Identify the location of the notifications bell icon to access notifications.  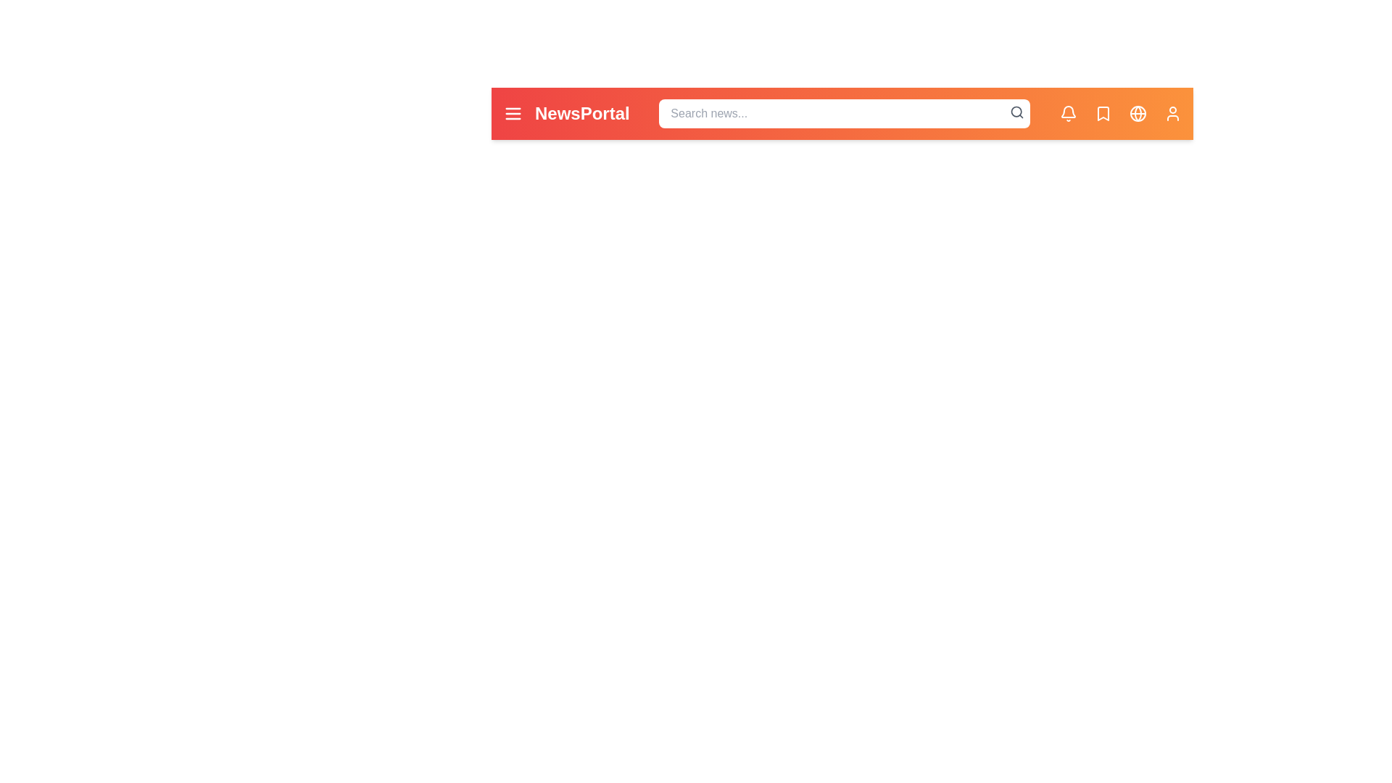
(1068, 113).